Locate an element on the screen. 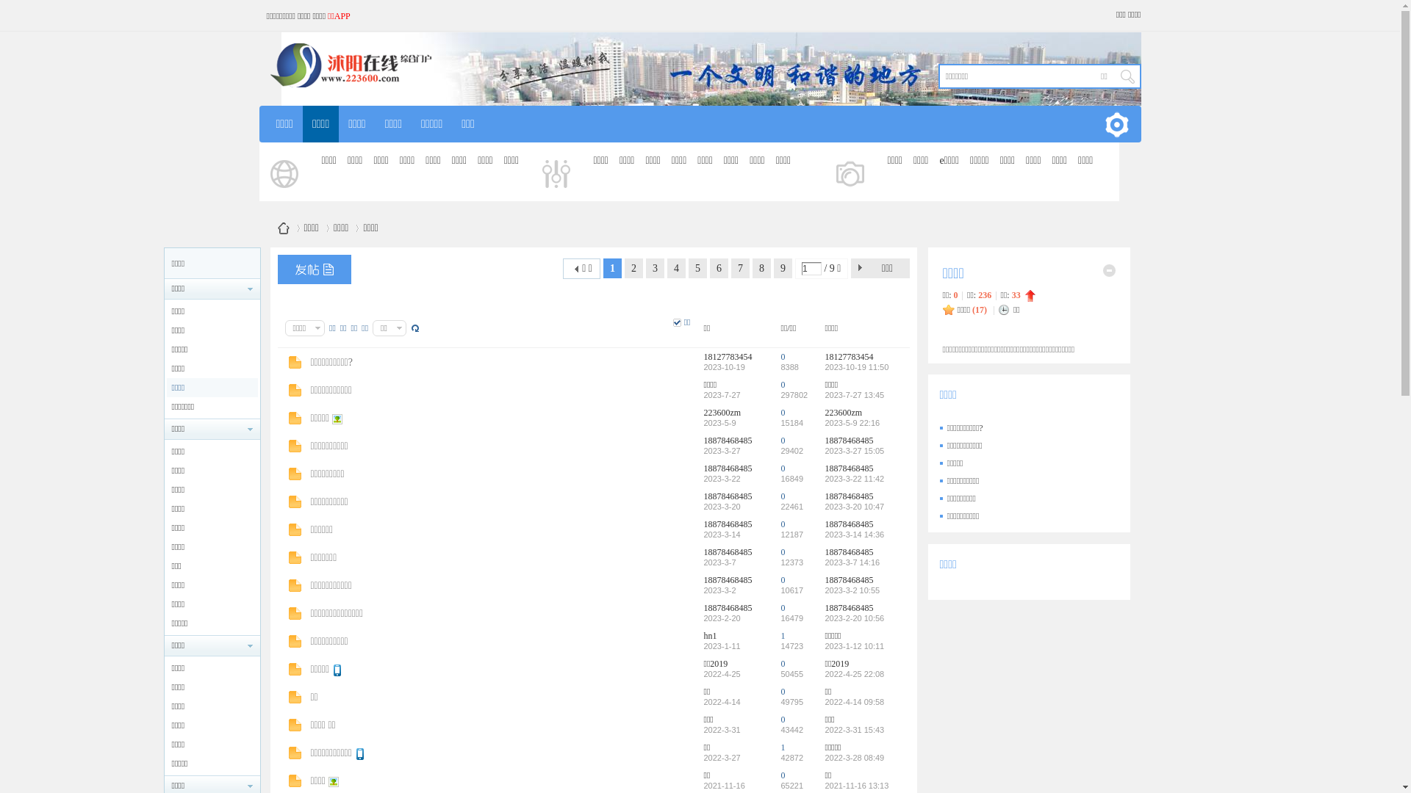 The image size is (1411, 793). '2023-10-19 11:50' is located at coordinates (825, 366).